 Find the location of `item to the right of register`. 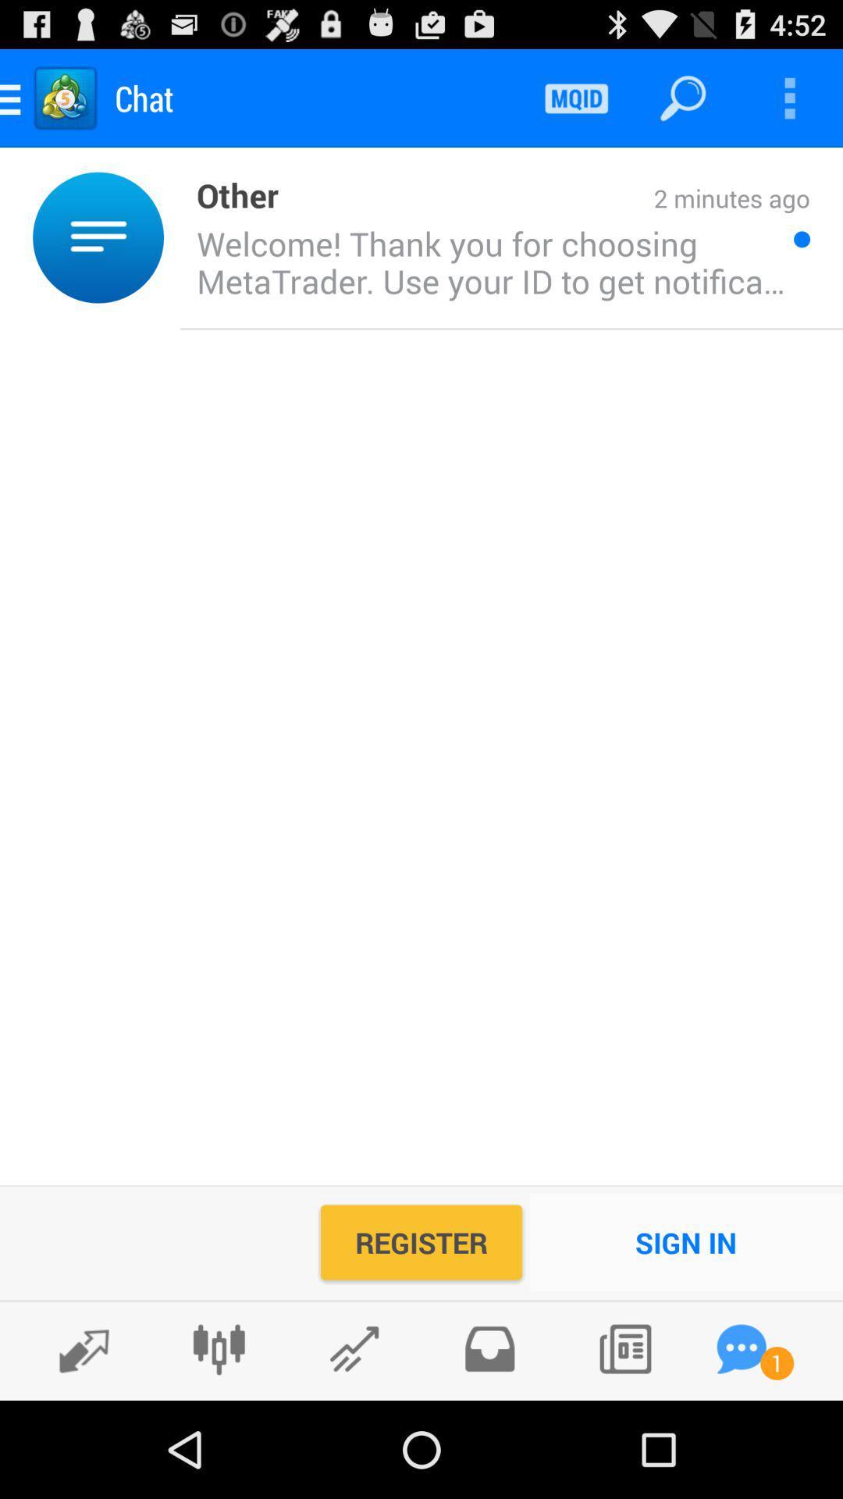

item to the right of register is located at coordinates (685, 1241).